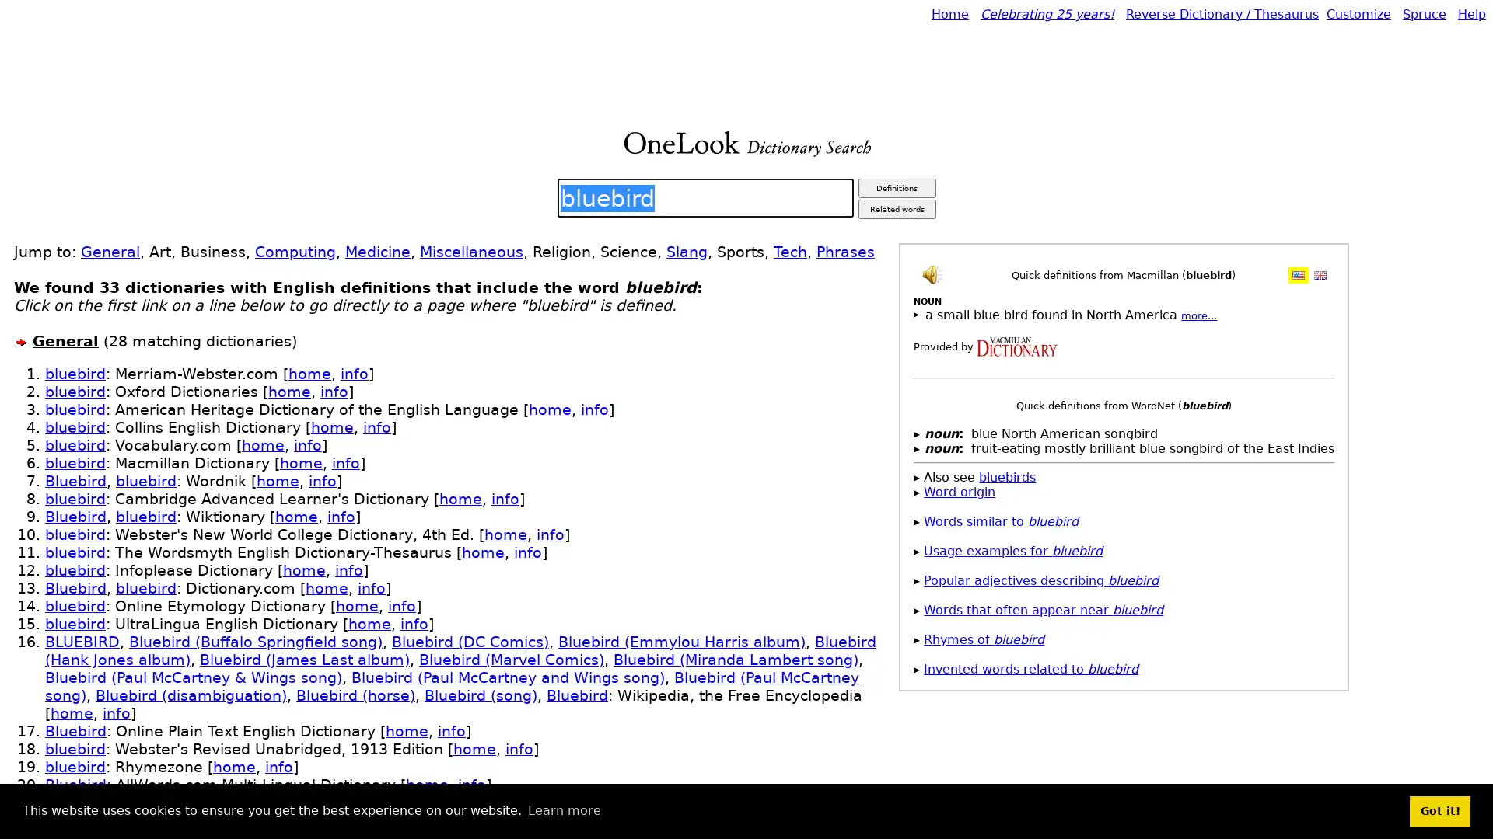  Describe the element at coordinates (563, 810) in the screenshot. I see `learn more about cookies` at that location.